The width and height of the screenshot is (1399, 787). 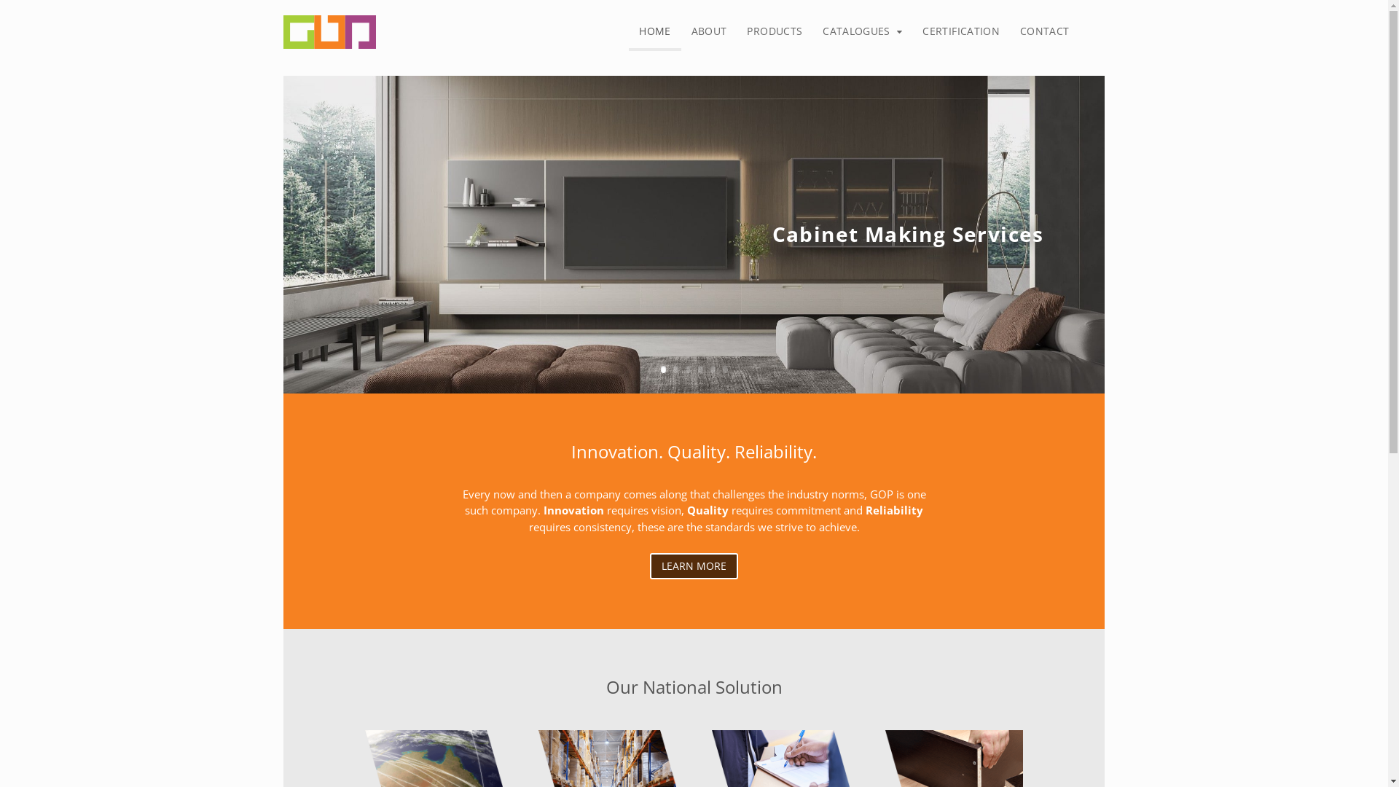 What do you see at coordinates (862, 31) in the screenshot?
I see `'CATALOGUES'` at bounding box center [862, 31].